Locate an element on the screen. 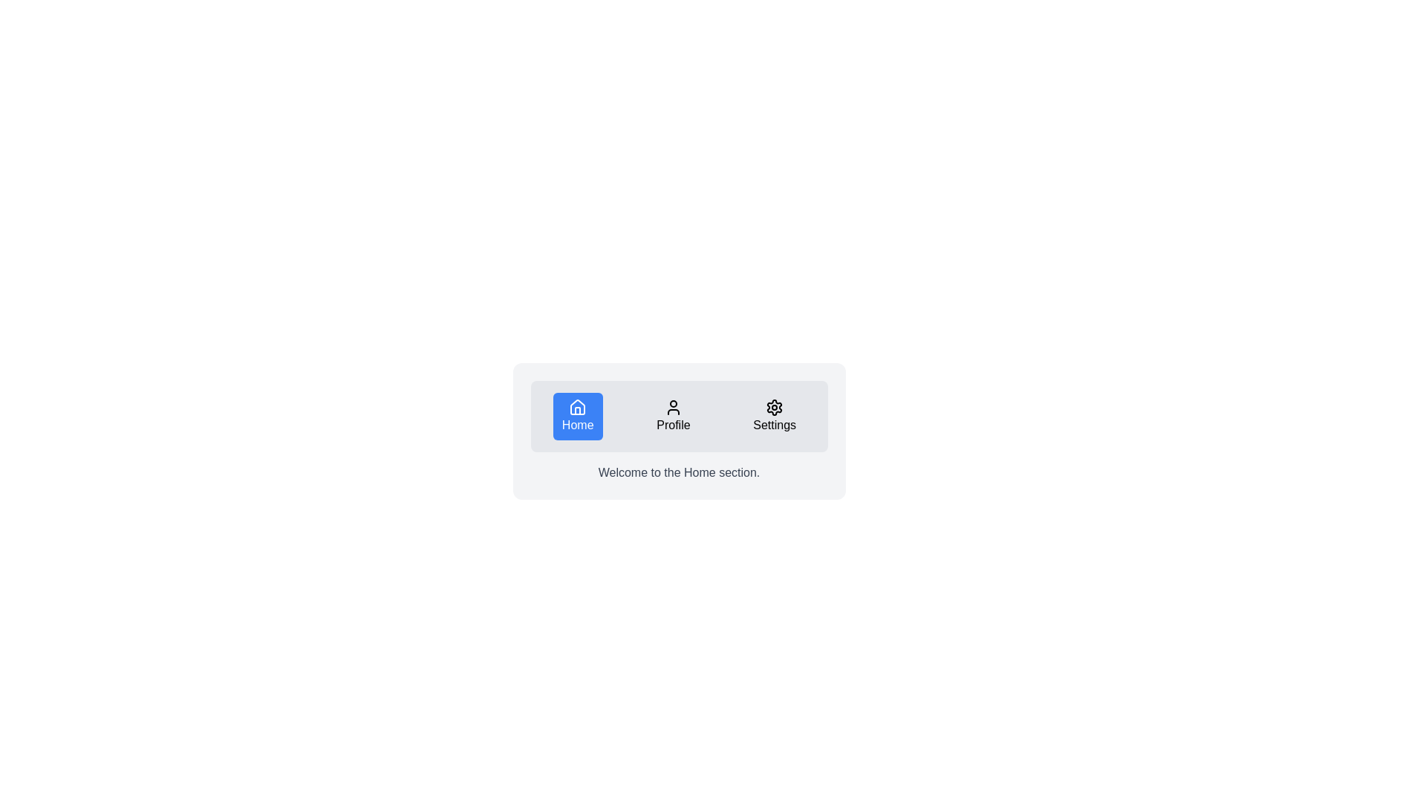 The image size is (1426, 802). the blue rectangular button with white text 'Home' and a house-shaped icon is located at coordinates (577, 416).